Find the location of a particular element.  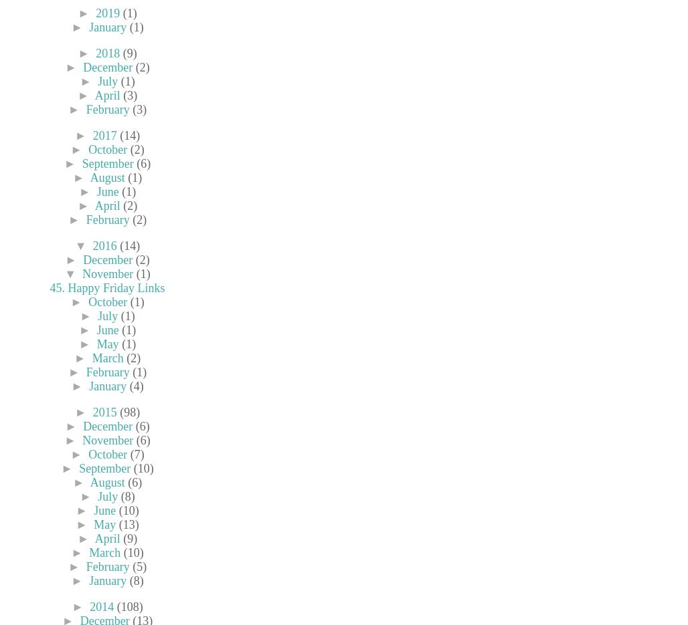

'(5)' is located at coordinates (139, 567).